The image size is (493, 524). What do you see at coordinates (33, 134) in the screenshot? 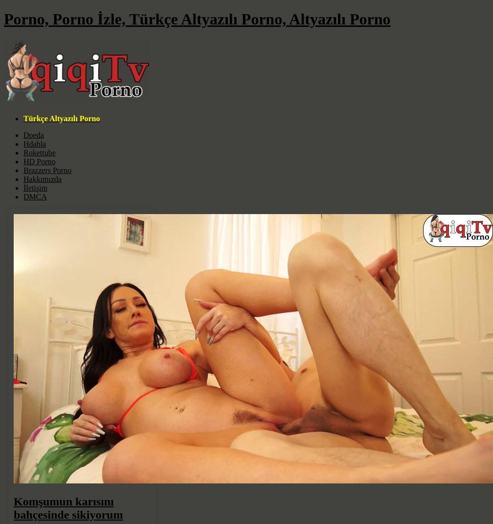
I see `'Doeda'` at bounding box center [33, 134].